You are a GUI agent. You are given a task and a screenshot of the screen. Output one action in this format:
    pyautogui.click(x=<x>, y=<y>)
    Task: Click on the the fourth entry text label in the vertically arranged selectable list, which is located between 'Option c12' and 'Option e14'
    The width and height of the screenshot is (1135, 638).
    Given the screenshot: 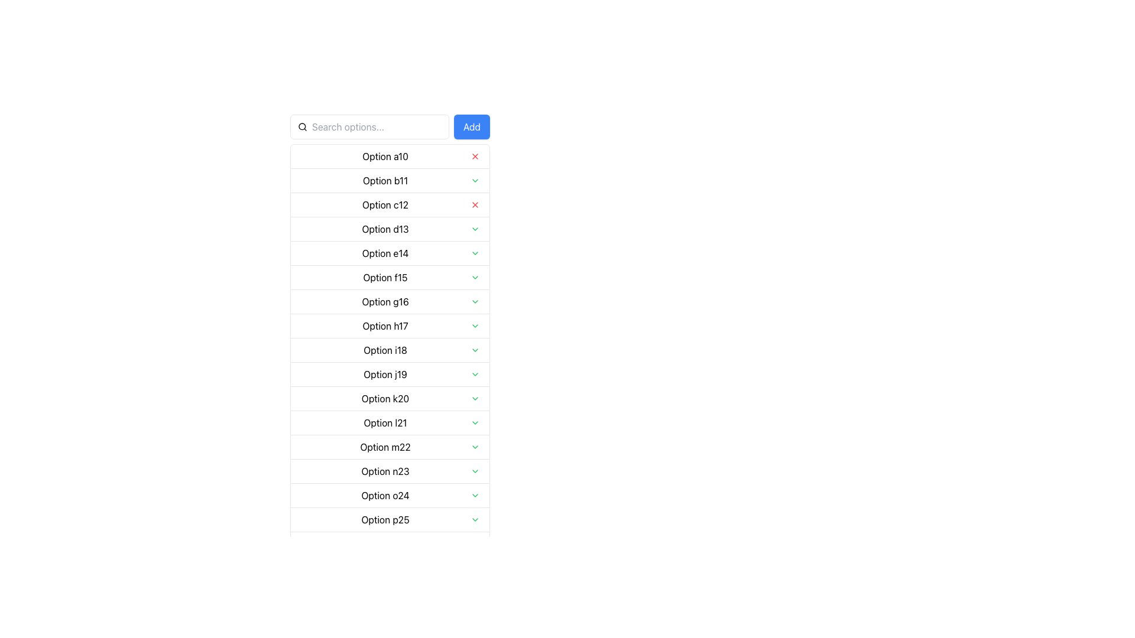 What is the action you would take?
    pyautogui.click(x=385, y=229)
    